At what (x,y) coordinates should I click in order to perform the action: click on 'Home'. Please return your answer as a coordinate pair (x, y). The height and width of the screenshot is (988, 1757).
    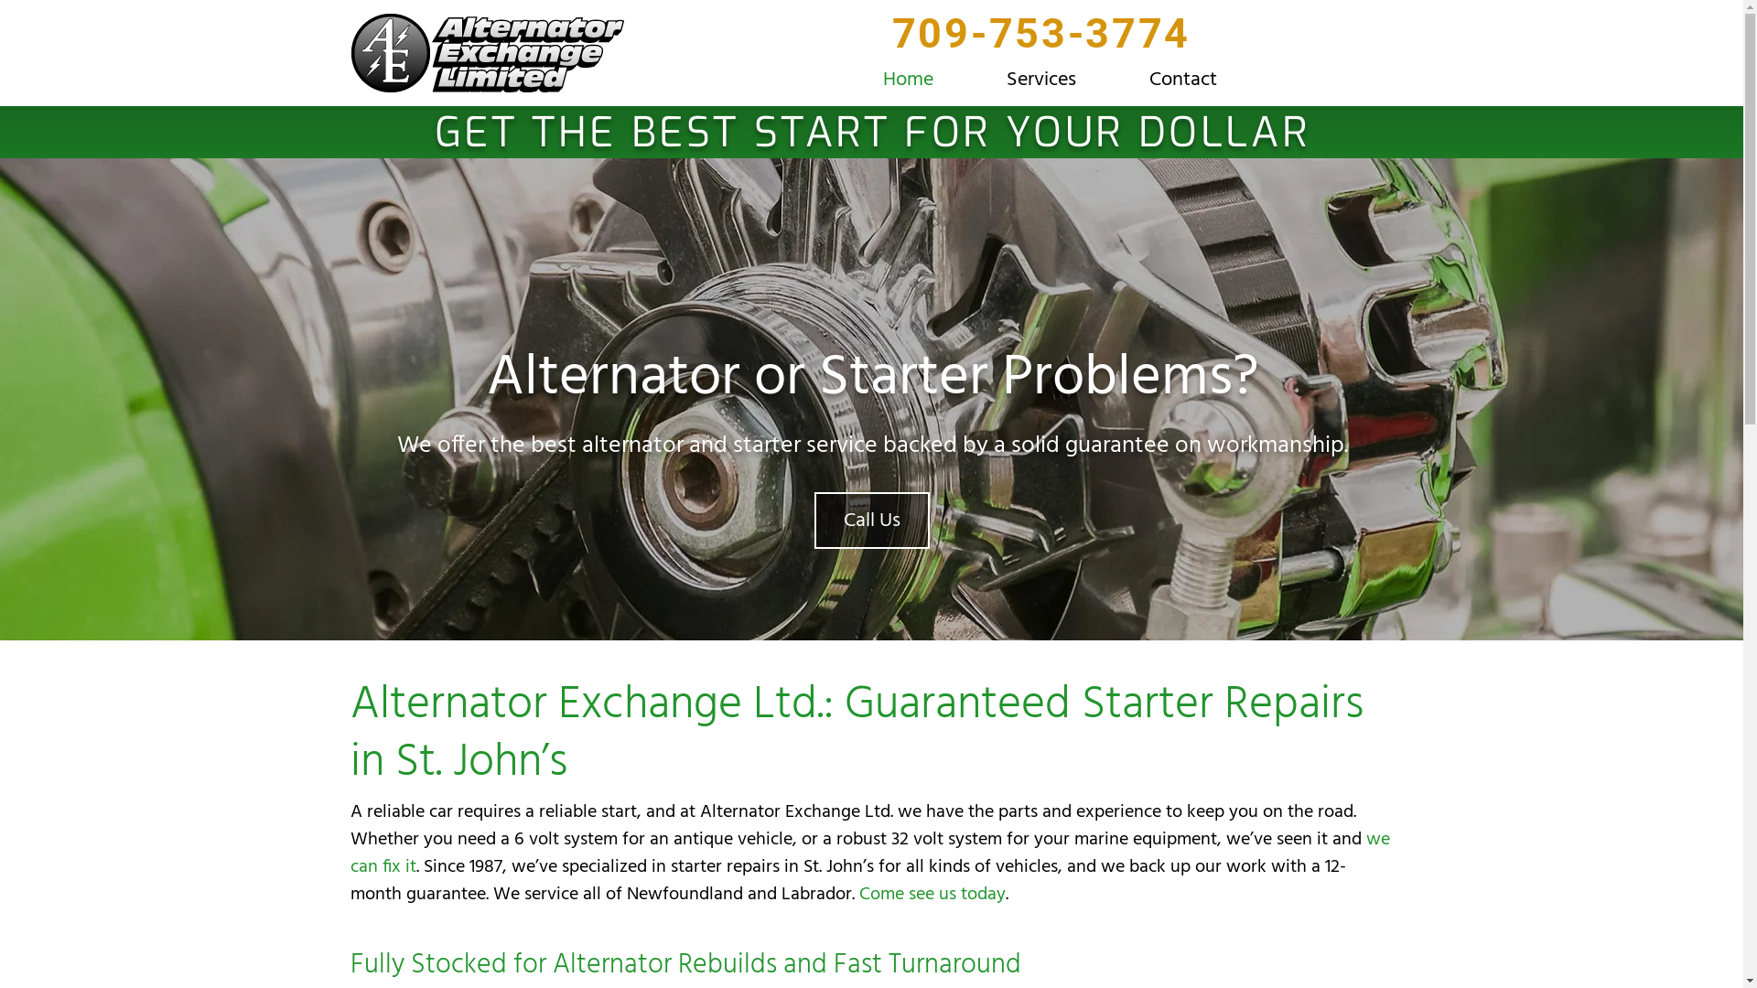
    Looking at the image, I should click on (907, 74).